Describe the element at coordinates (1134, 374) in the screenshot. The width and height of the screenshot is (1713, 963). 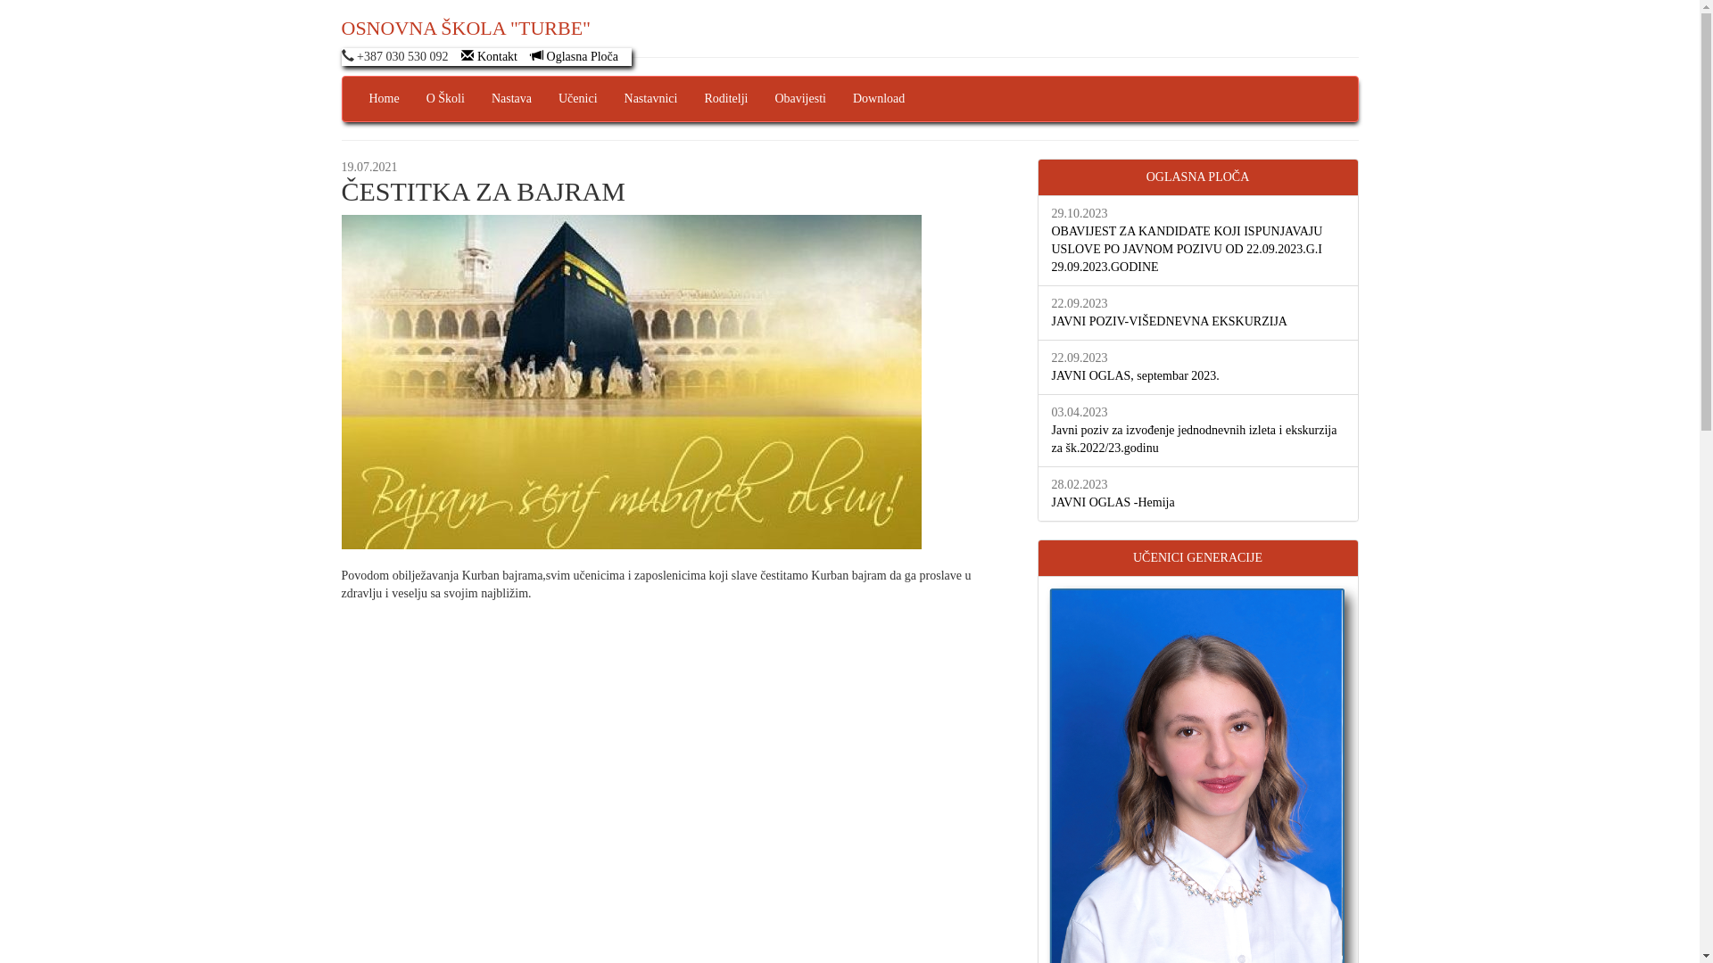
I see `'JAVNI OGLAS, septembar 2023.'` at that location.